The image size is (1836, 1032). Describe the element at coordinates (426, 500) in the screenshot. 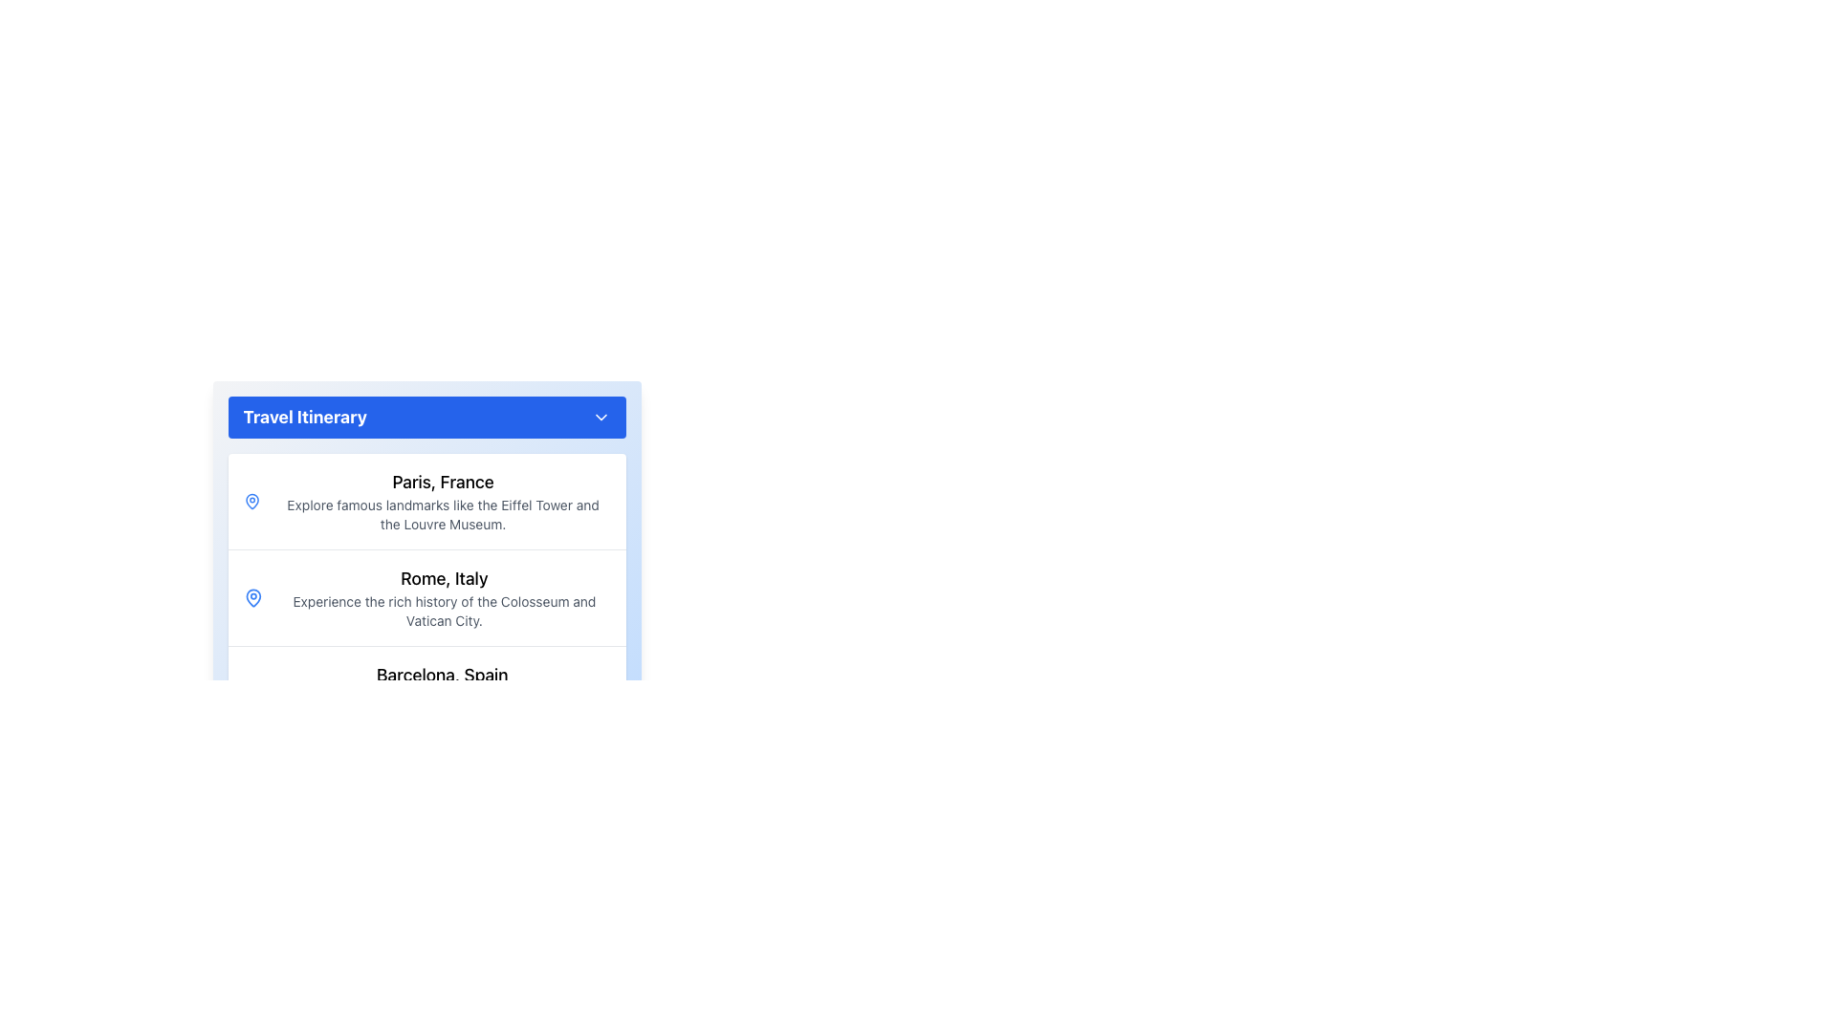

I see `the Information Card displaying travel information for 'Paris, France', which includes a title in bold and a description about landmarks` at that location.